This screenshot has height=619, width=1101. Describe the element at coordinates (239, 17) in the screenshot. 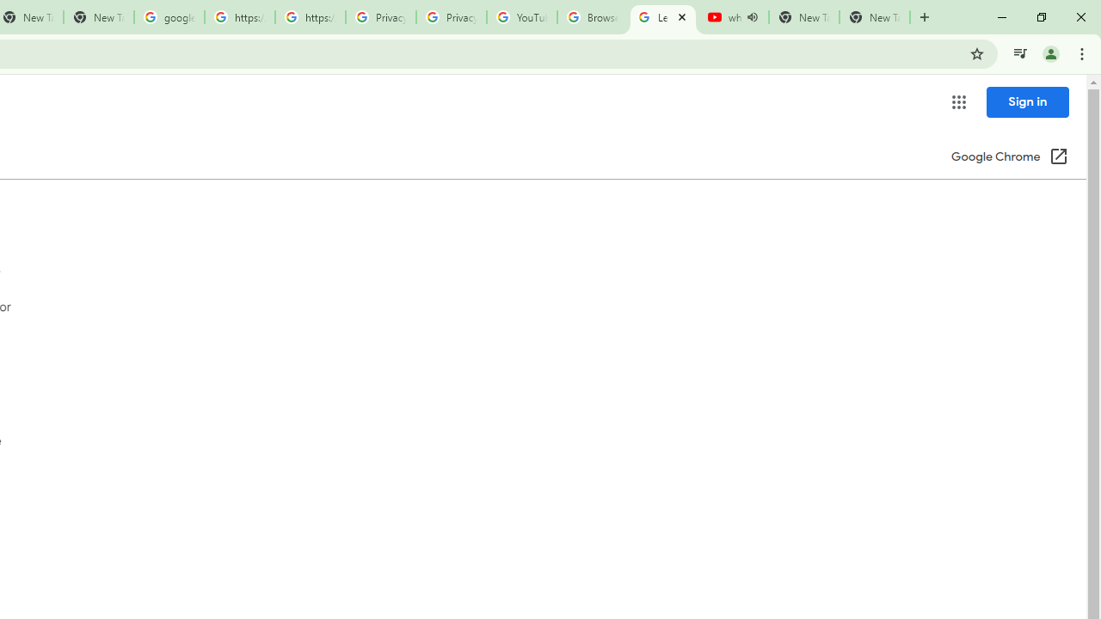

I see `'https://scholar.google.com/'` at that location.